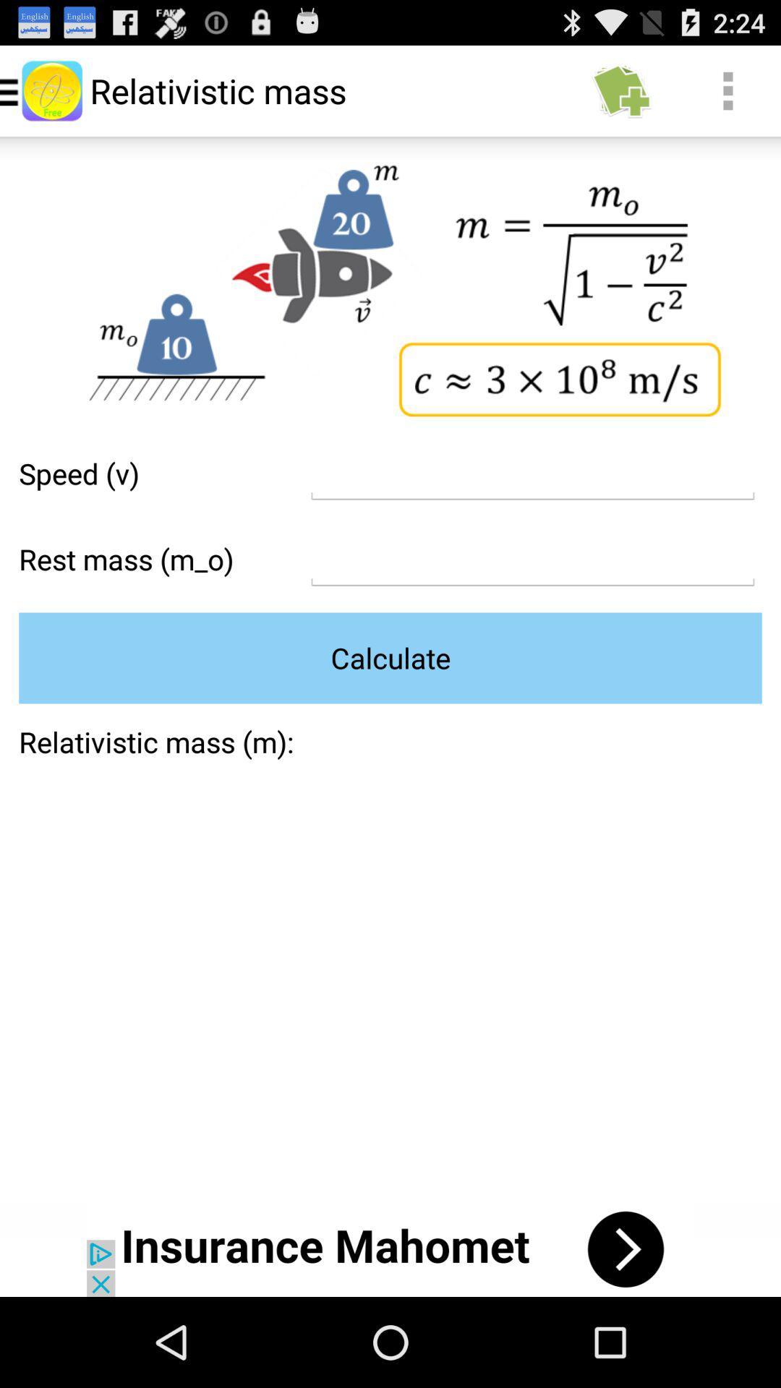 The width and height of the screenshot is (781, 1388). Describe the element at coordinates (390, 1248) in the screenshot. I see `advertisement portion` at that location.